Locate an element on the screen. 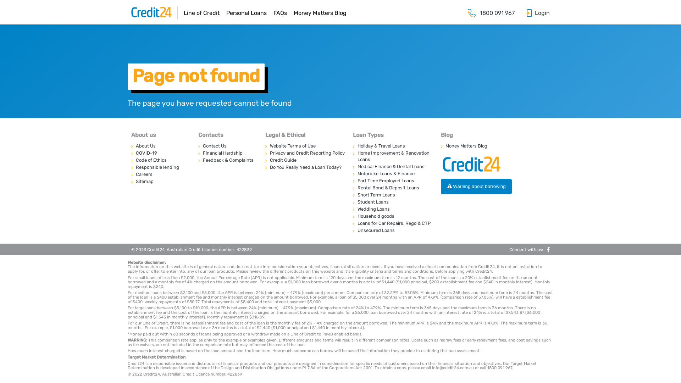  'Short Term Loans' is located at coordinates (392, 195).